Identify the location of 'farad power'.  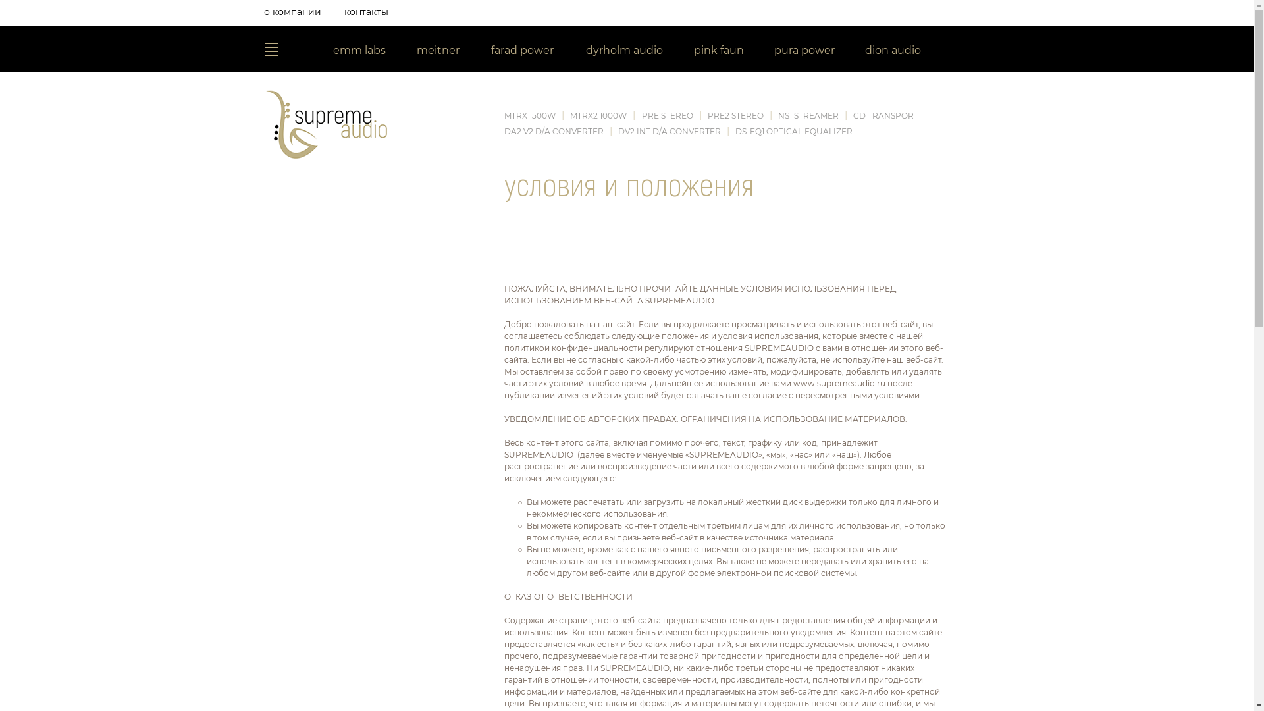
(474, 51).